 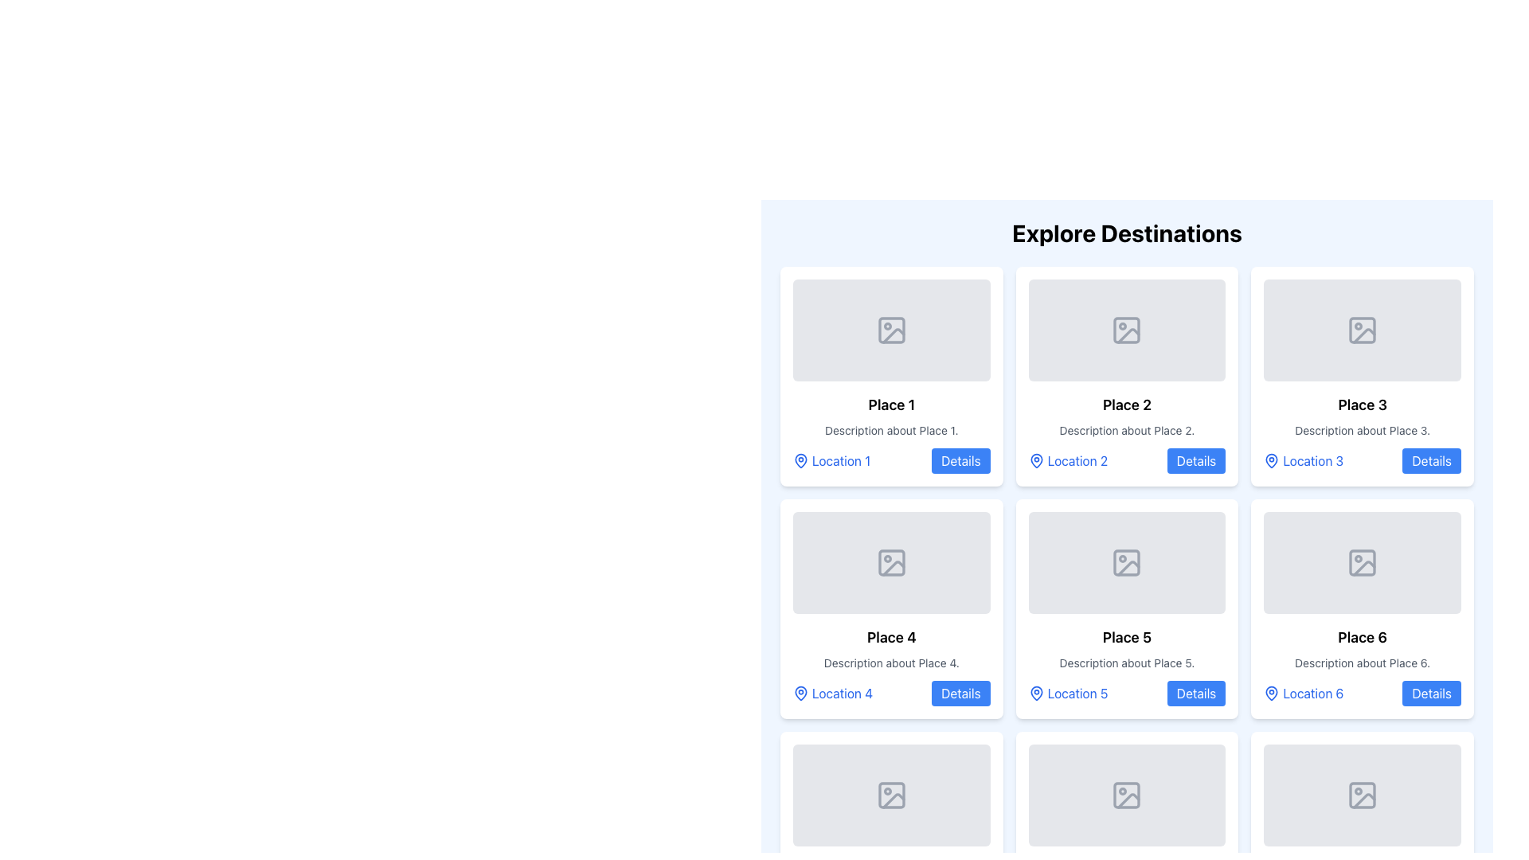 I want to click on the Placeholder Icon located in the second column and second row of the grid layout within the card labeled 'Place 4', so click(x=890, y=561).